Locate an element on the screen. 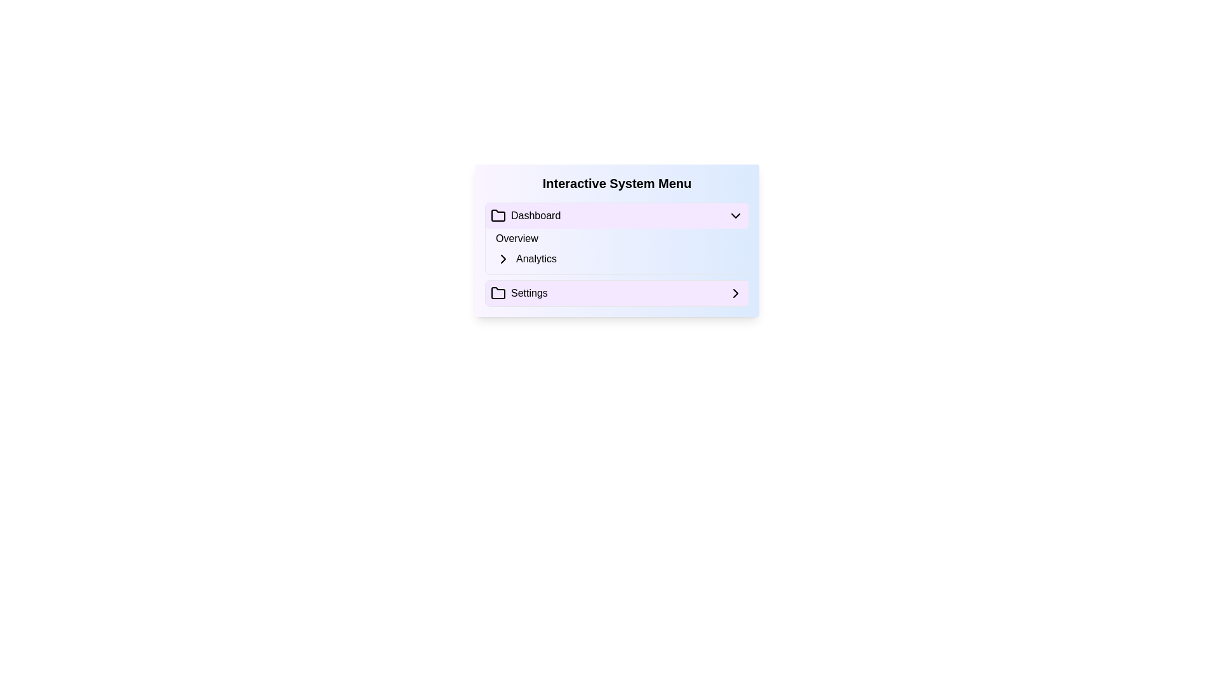 The height and width of the screenshot is (686, 1219). the folder icon element located to the left of the 'Dashboard' option in the menu is located at coordinates (498, 215).